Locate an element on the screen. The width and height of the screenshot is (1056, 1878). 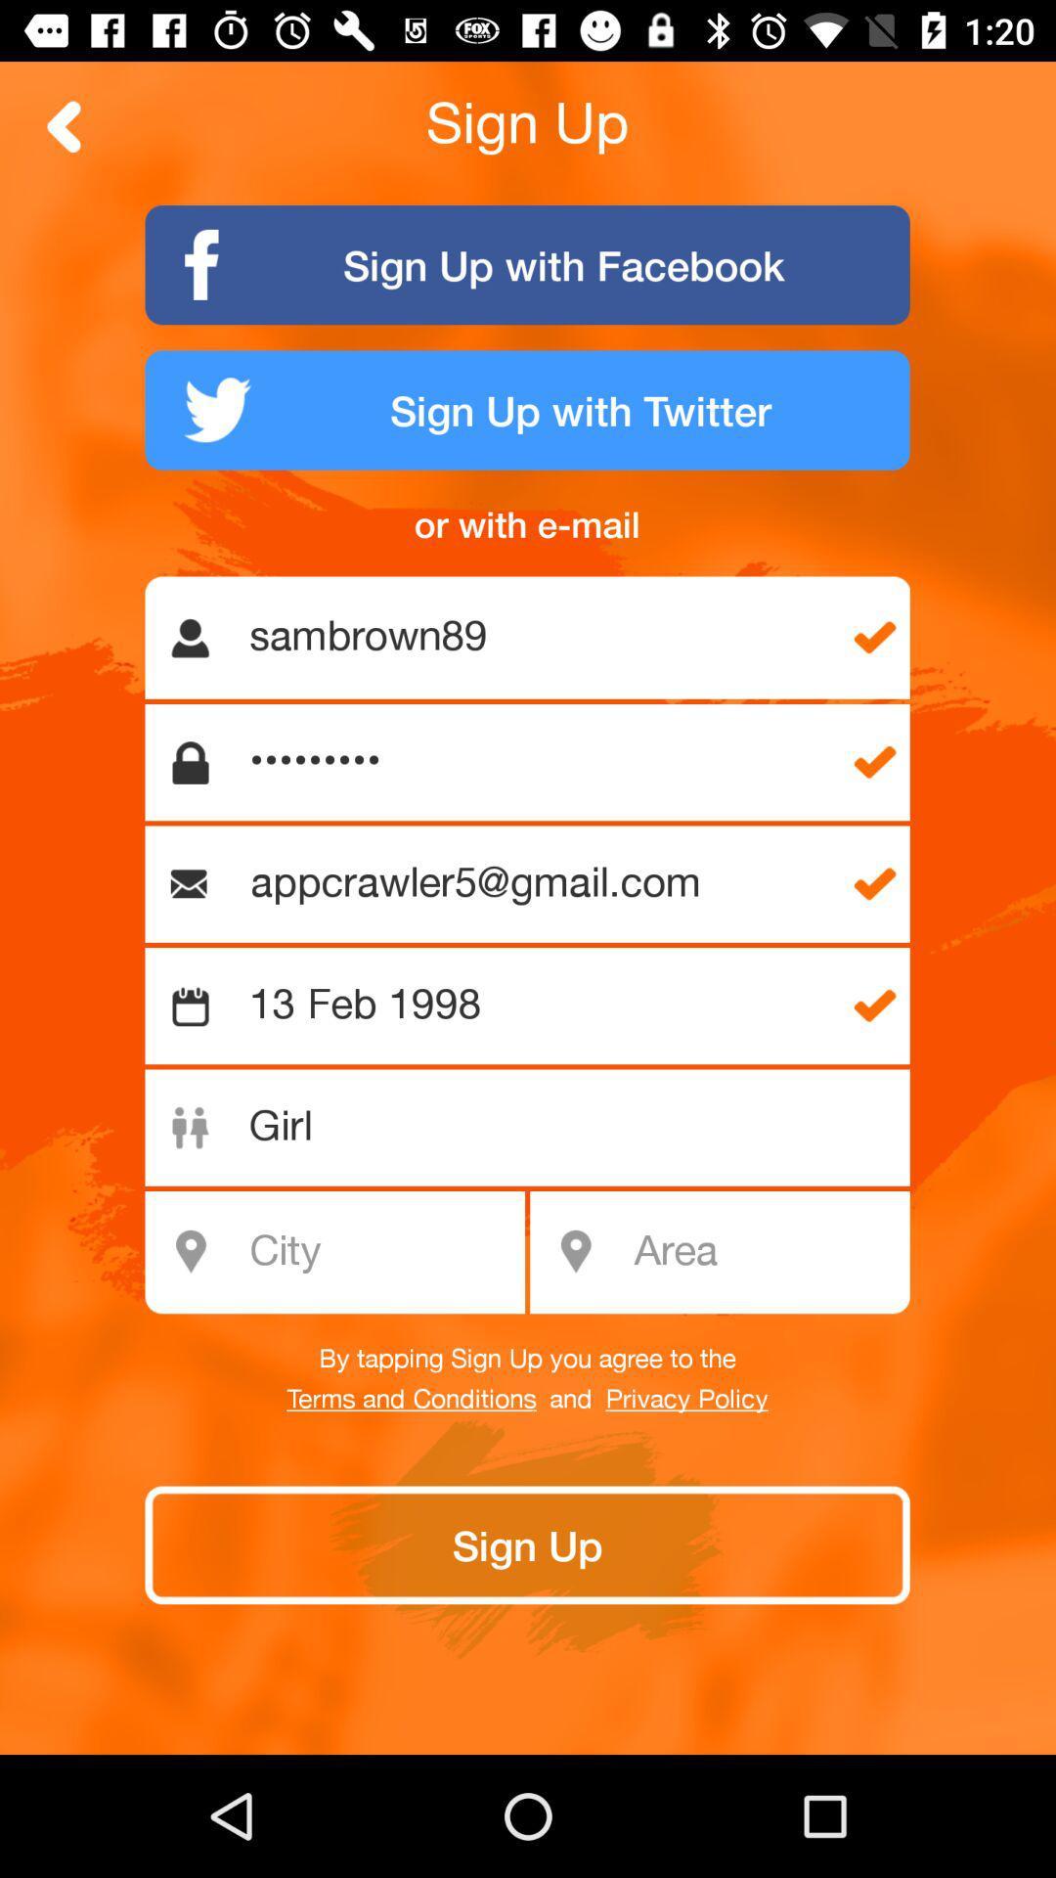
icon to the left of the and icon is located at coordinates (411, 1399).